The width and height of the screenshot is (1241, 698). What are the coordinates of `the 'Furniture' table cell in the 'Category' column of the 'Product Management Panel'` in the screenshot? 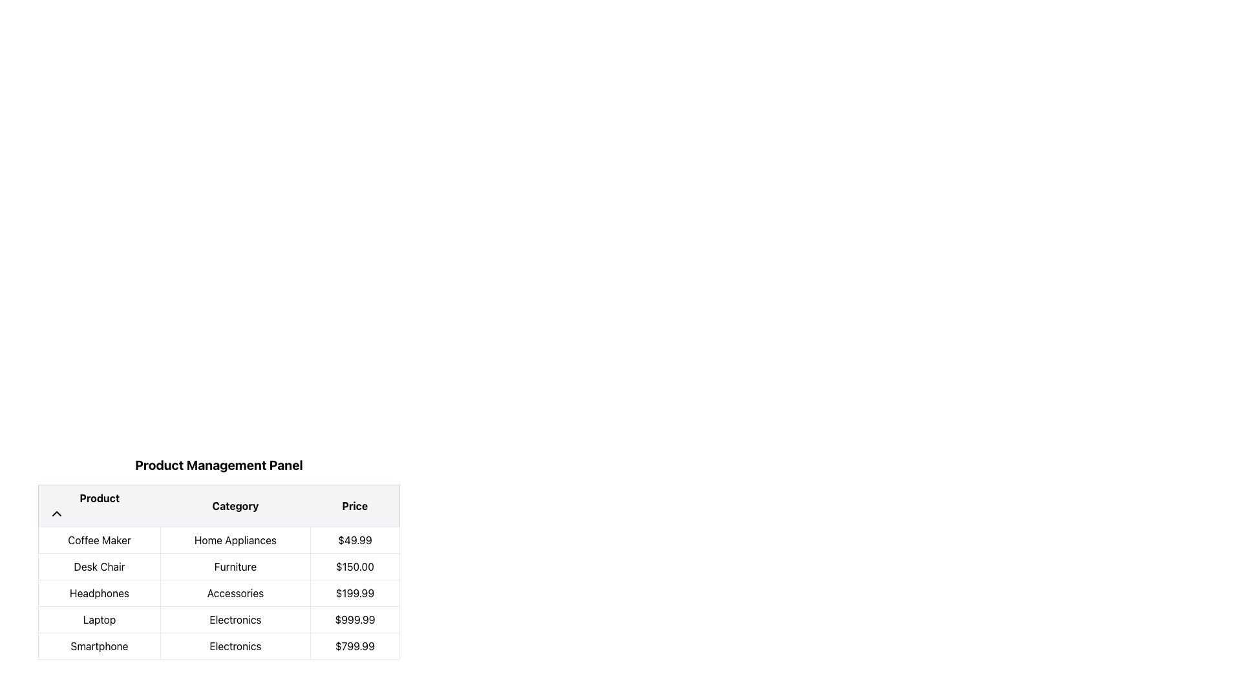 It's located at (235, 566).